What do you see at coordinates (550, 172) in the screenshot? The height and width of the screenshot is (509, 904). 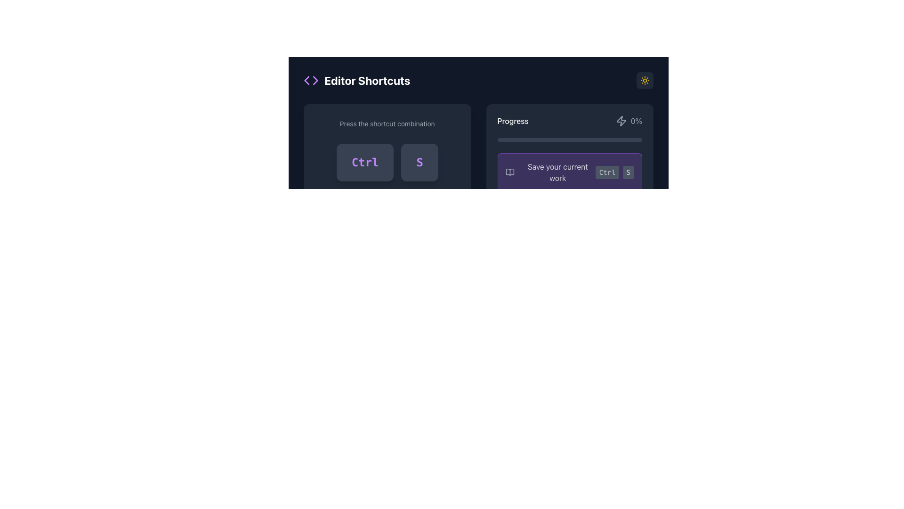 I see `the static text element that reads 'Save your current work' with an accompanying open book icon, which is centrally positioned within a rectangular box with a purple border and background highlight` at bounding box center [550, 172].